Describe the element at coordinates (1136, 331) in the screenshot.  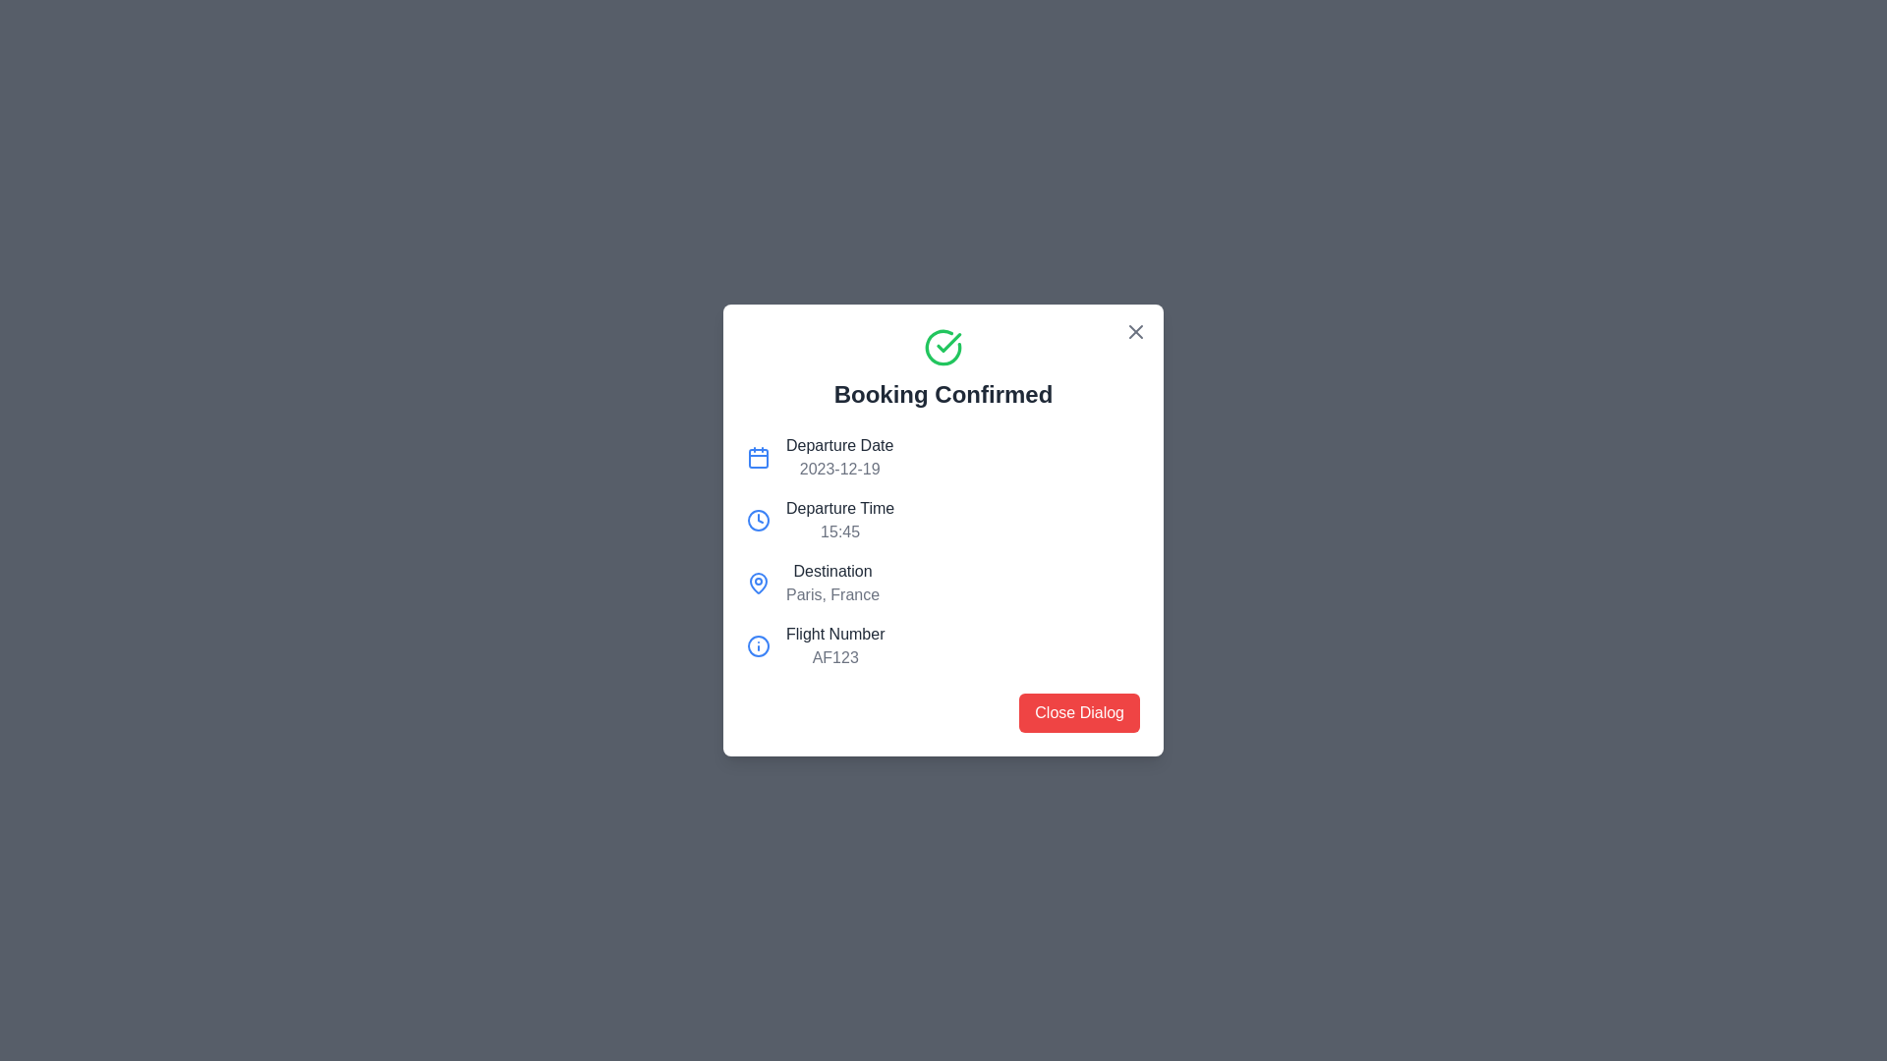
I see `the close button located in the top-right corner of the 'Booking Confirmed' dialog box` at that location.